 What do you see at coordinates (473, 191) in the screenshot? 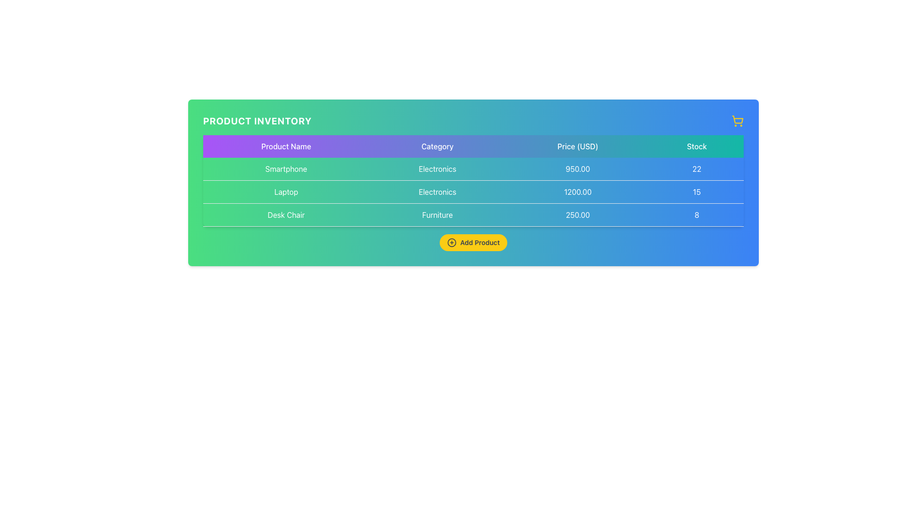
I see `the second row in the product inventory table that presents details about a 'Laptop' product, which is positioned between the 'Smartphone' and 'Desk Chair' rows` at bounding box center [473, 191].